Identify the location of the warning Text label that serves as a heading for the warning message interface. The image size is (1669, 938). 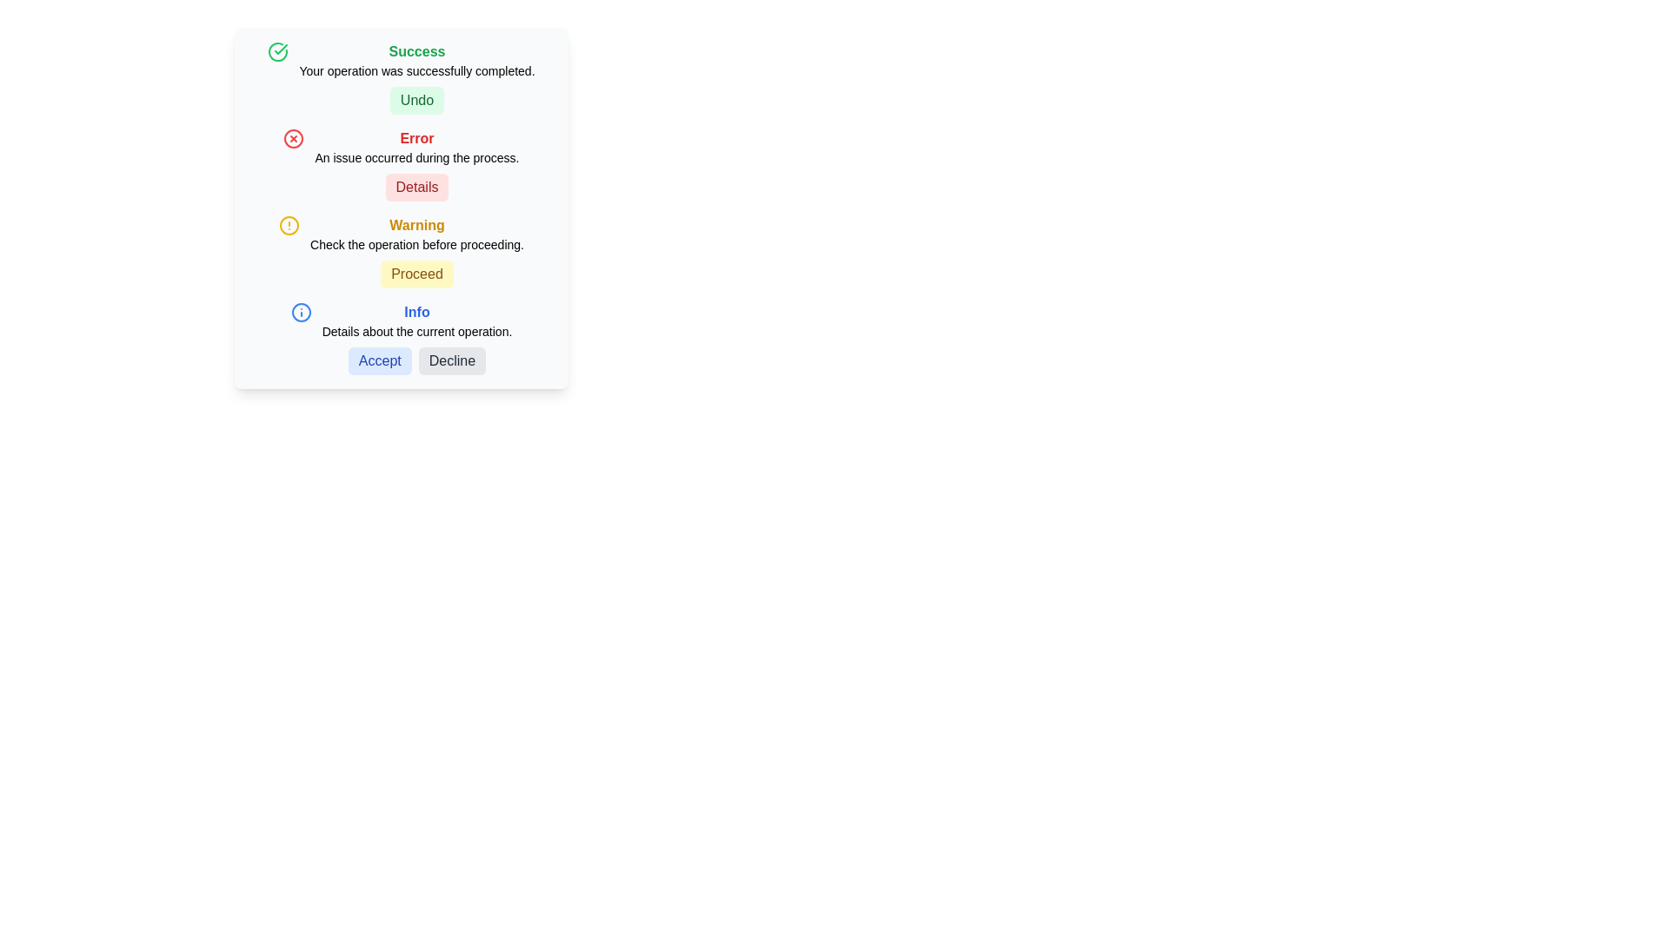
(417, 224).